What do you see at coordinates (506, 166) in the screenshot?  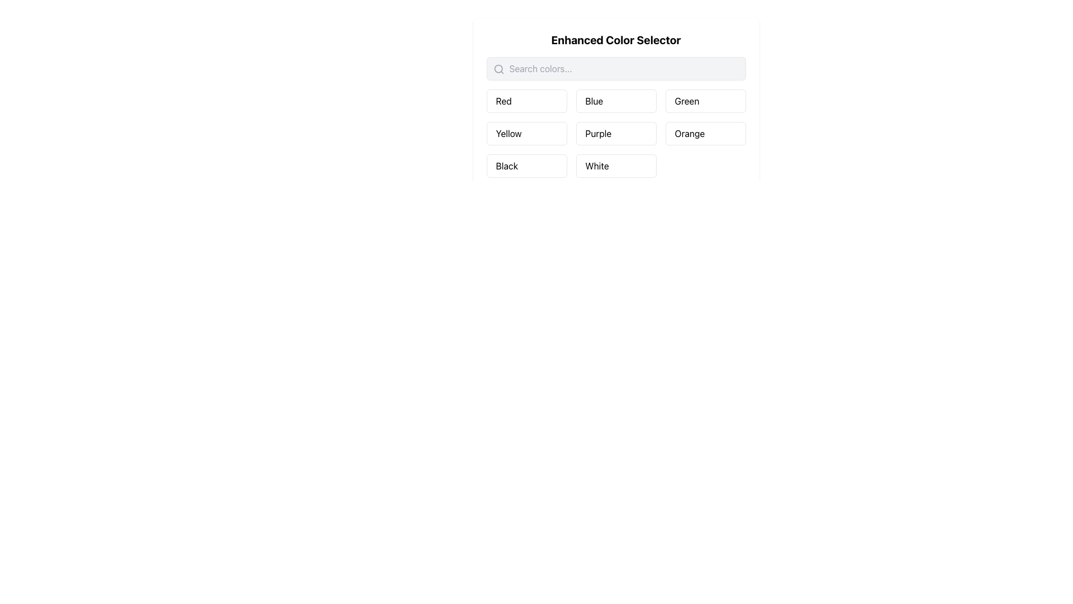 I see `the 'Black' text label within the button that is part of the Enhanced Color Selector interface` at bounding box center [506, 166].